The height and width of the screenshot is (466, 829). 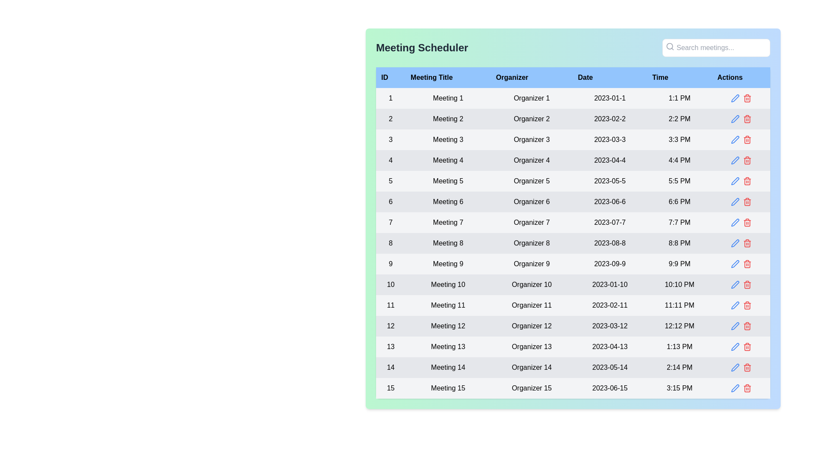 What do you see at coordinates (679, 346) in the screenshot?
I see `the text label displaying '1:13 PM' located in the 'Time' column of the table within the row labeled 'Meeting 13'` at bounding box center [679, 346].